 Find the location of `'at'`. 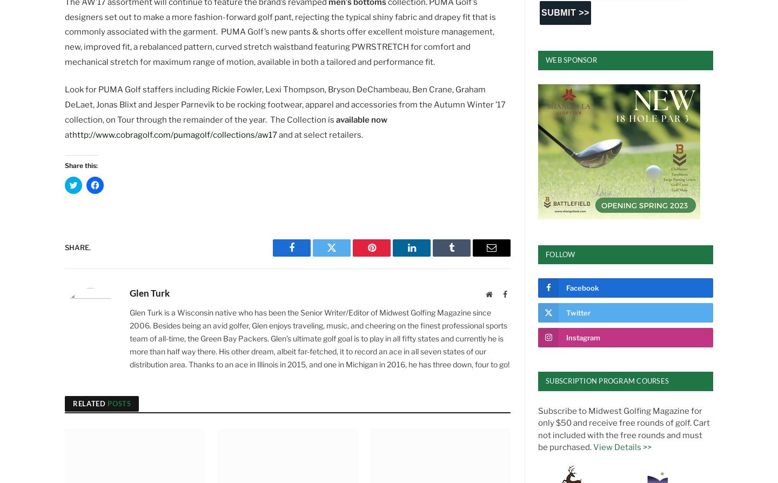

'at' is located at coordinates (68, 133).